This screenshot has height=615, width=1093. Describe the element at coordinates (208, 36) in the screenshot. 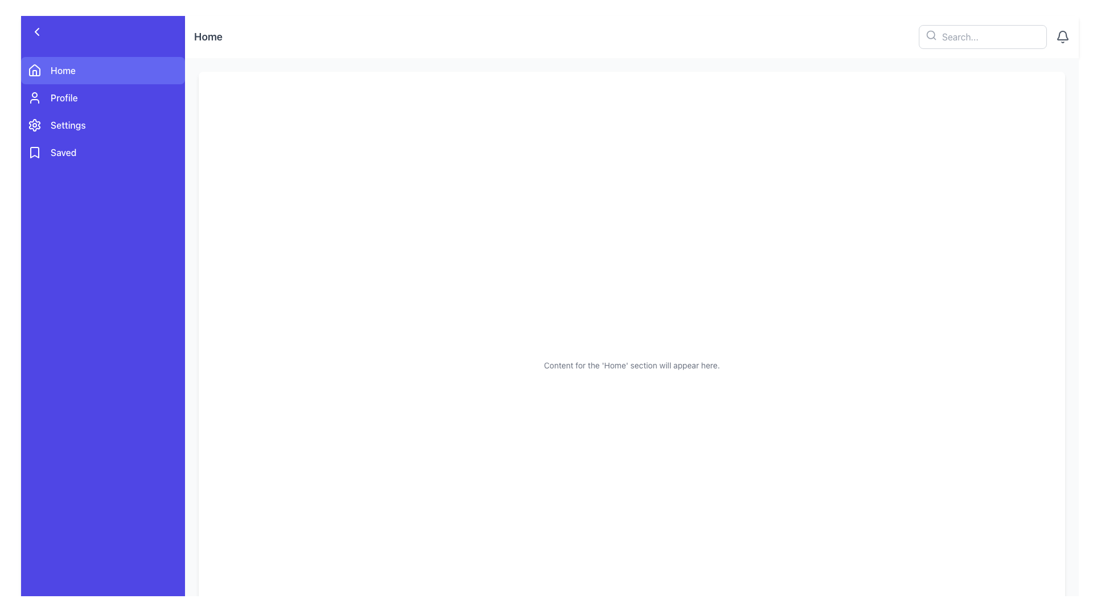

I see `the 'Home' section text label located at the top of the page, below the horizontal navigation bar, positioned towards the left-hand side` at that location.